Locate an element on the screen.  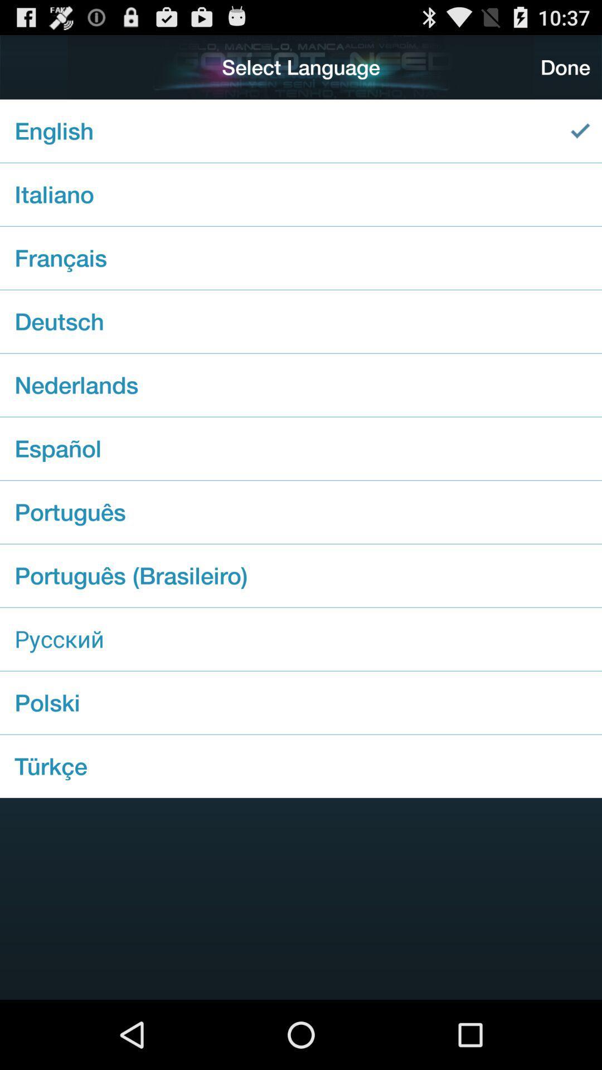
done icon is located at coordinates (565, 66).